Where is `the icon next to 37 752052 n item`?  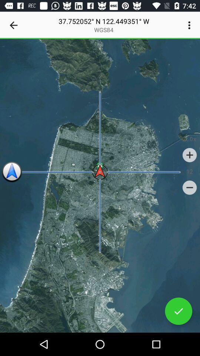 the icon next to 37 752052 n item is located at coordinates (190, 25).